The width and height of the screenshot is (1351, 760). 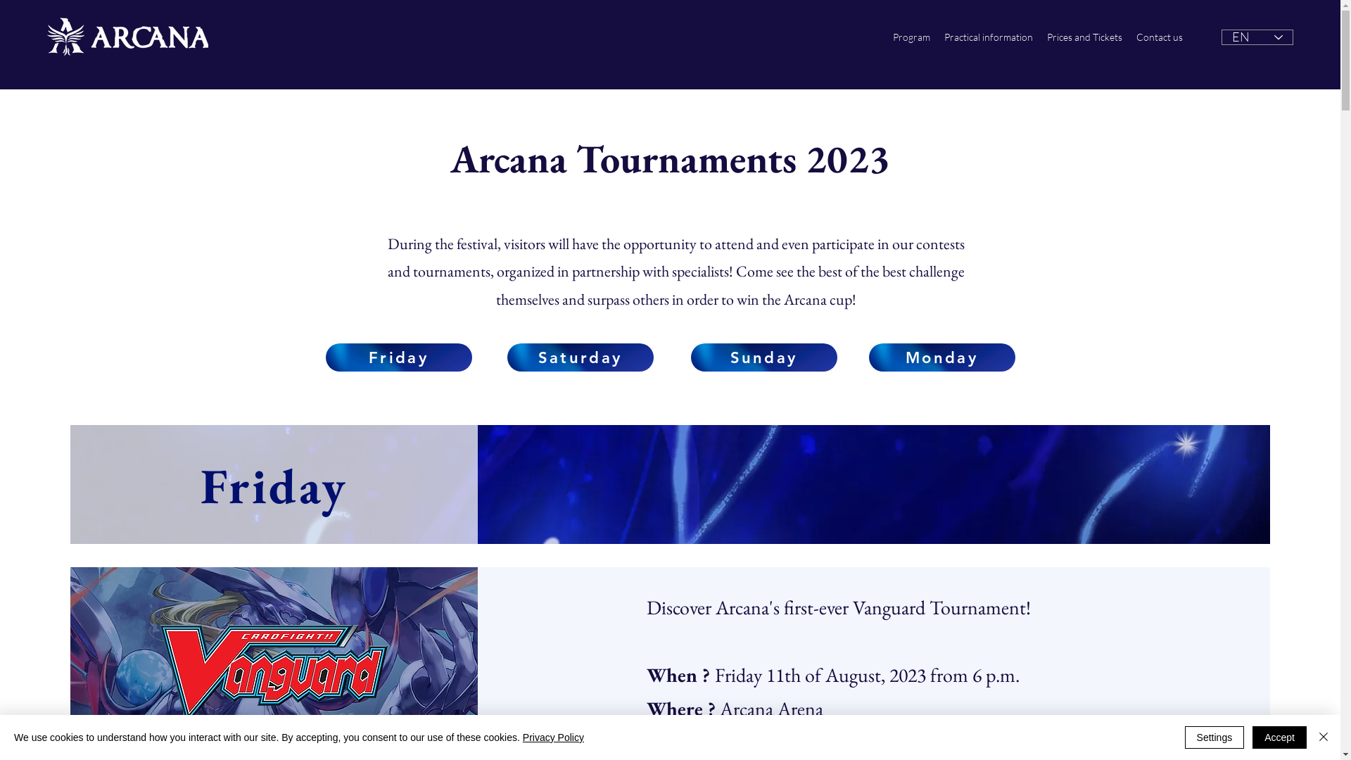 What do you see at coordinates (522, 737) in the screenshot?
I see `'Privacy Policy'` at bounding box center [522, 737].